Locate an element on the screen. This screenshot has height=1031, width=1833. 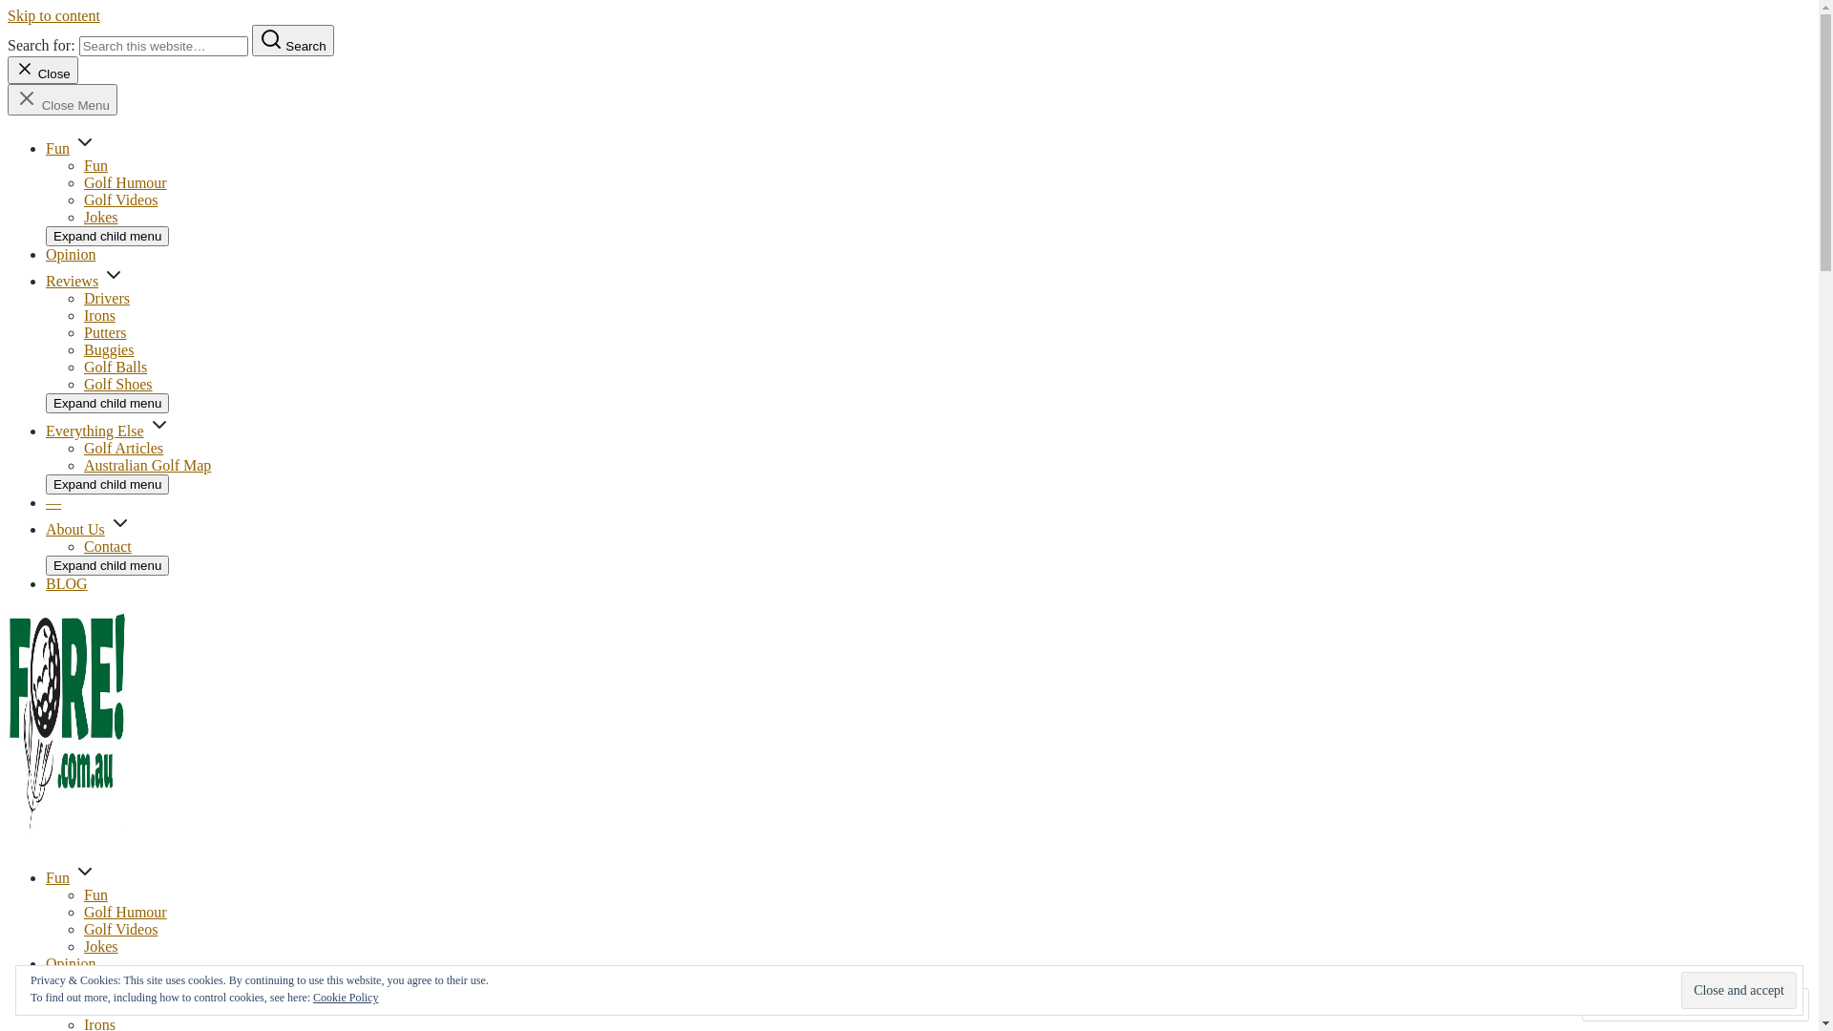
'Search for:' is located at coordinates (163, 45).